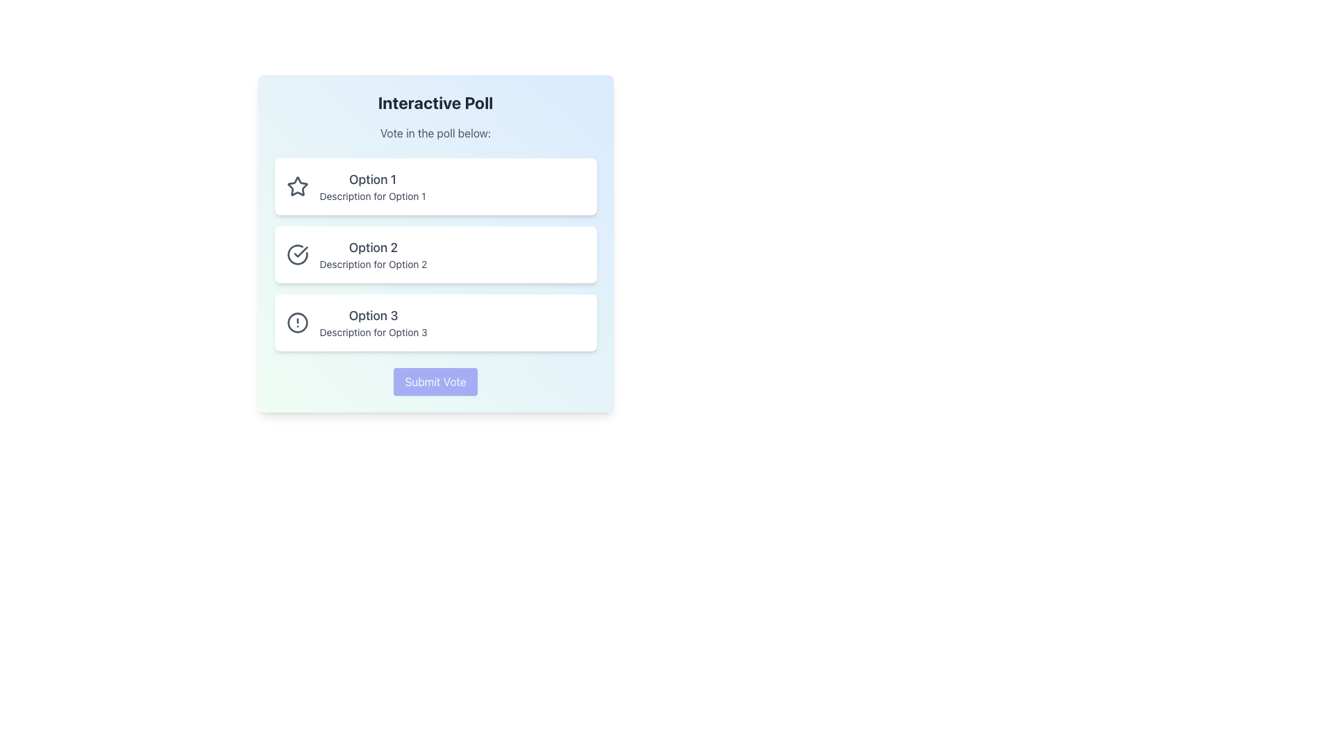  I want to click on text displayed in the second option block of the poll, which contains the title and description of the second choice, so click(373, 254).